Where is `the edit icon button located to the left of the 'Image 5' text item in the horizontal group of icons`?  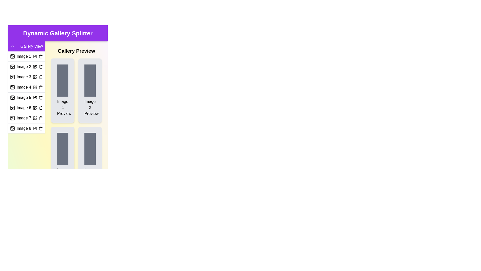
the edit icon button located to the left of the 'Image 5' text item in the horizontal group of icons is located at coordinates (35, 98).